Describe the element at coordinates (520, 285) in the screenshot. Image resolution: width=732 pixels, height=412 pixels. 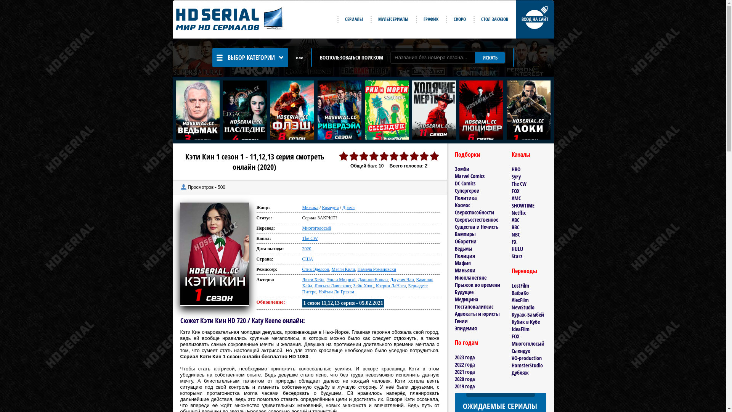
I see `'LostFilm'` at that location.